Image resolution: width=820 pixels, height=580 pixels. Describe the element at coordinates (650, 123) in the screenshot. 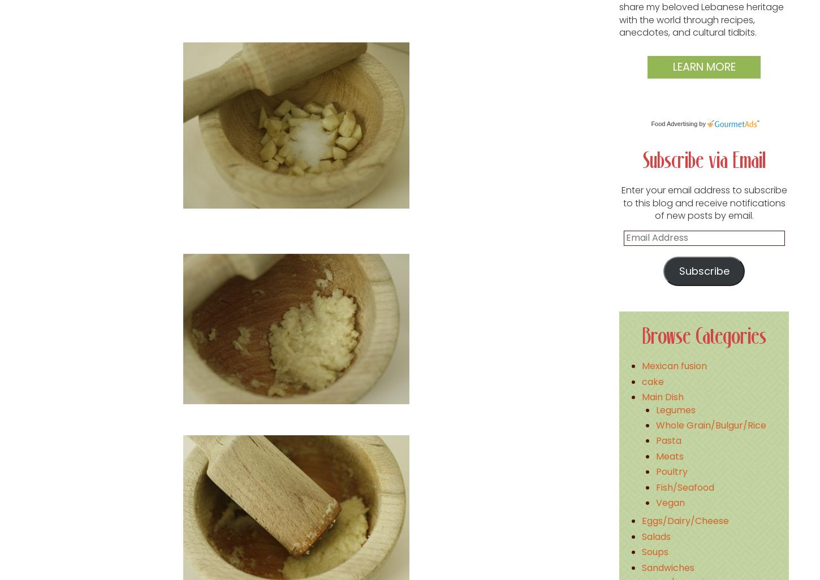

I see `'Food Advertising'` at that location.